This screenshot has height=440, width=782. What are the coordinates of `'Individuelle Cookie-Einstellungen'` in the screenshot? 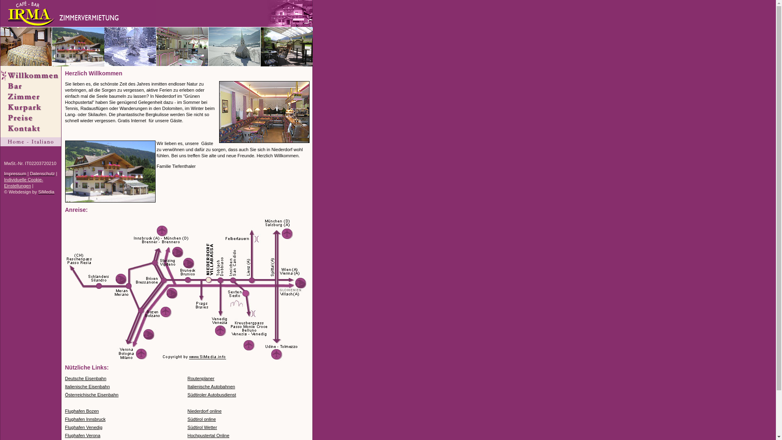 It's located at (23, 182).